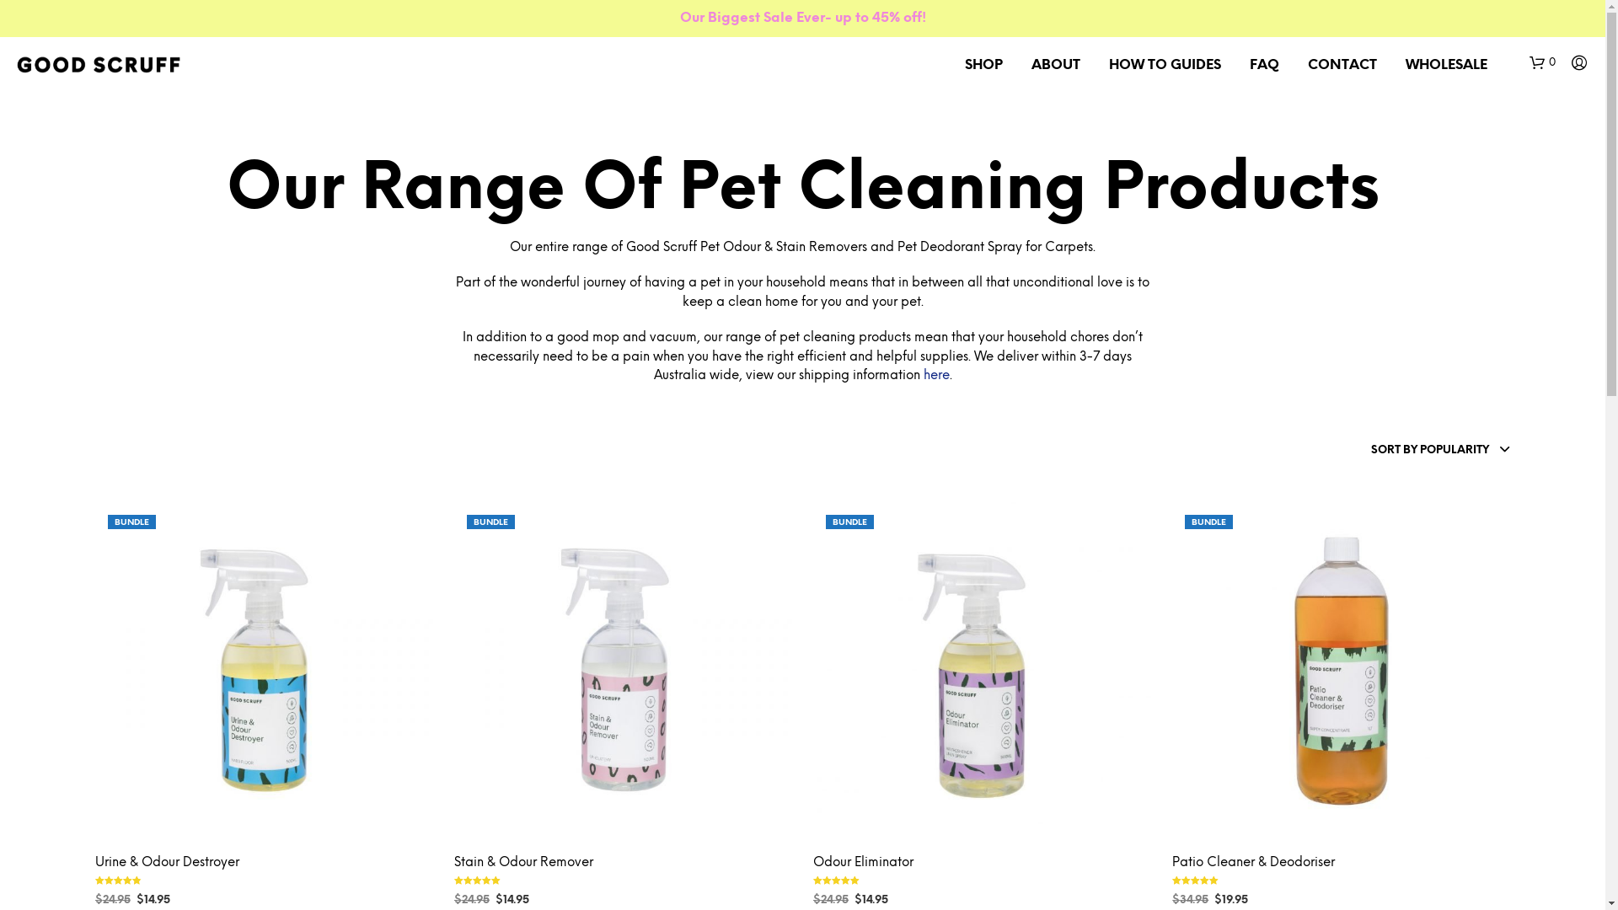 Image resolution: width=1618 pixels, height=910 pixels. Describe the element at coordinates (97, 64) in the screenshot. I see `'Amazing plant-powered pet cleaning products'` at that location.